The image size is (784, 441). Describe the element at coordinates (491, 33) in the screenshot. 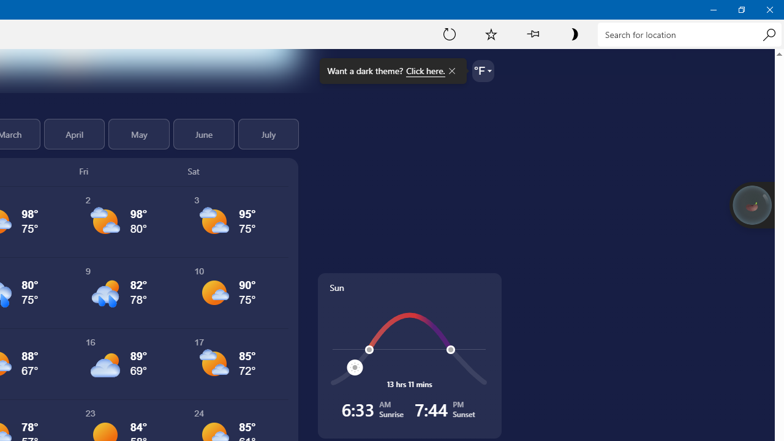

I see `'Add to Favorites'` at that location.